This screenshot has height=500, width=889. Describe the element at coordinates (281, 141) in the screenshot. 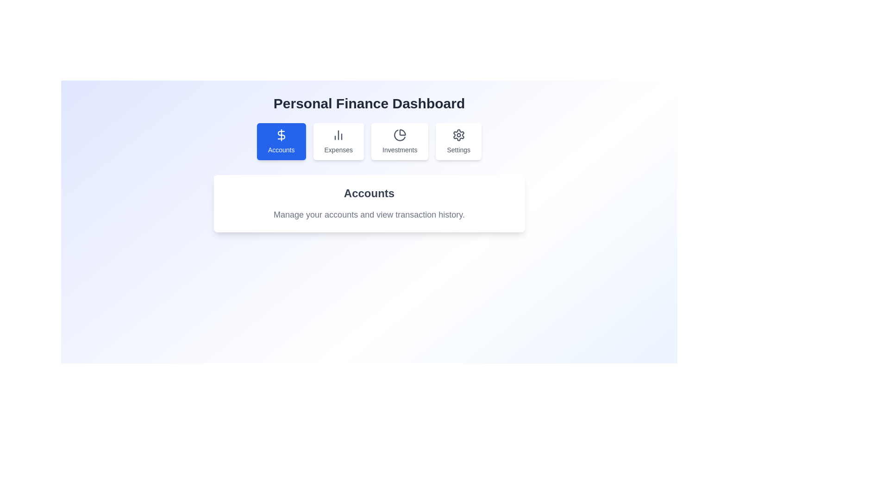

I see `the blue button labeled 'Accounts' with a dollar symbol to observe its hover animations` at that location.